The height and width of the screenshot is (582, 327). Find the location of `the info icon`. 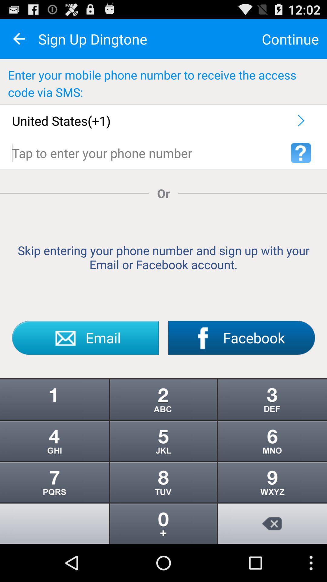

the info icon is located at coordinates (54, 516).